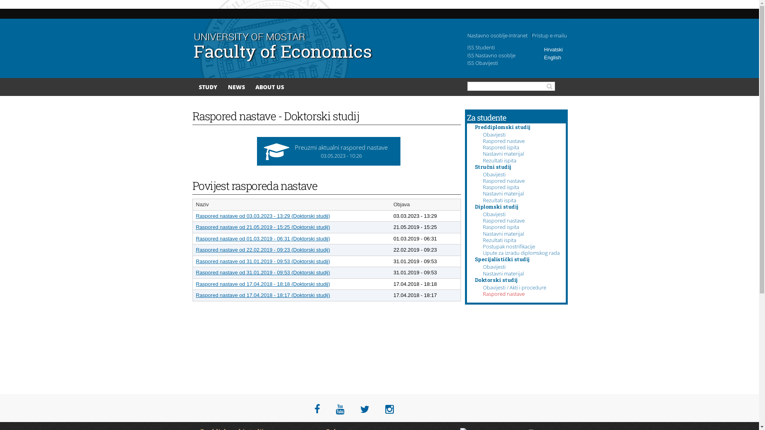 Image resolution: width=765 pixels, height=430 pixels. I want to click on 'ISS Studenti', so click(480, 47).